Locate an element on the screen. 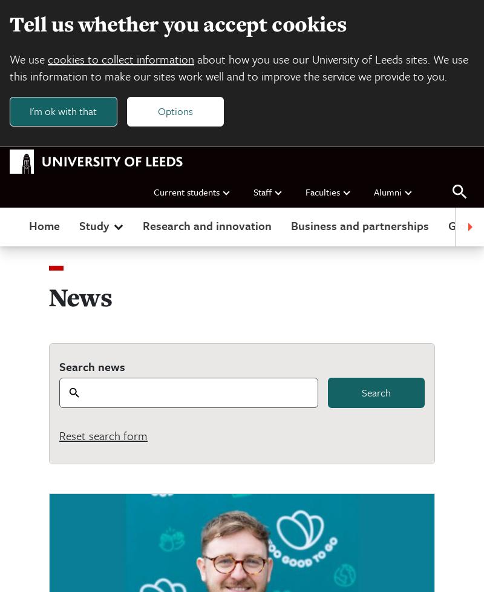  'Research and innovation' is located at coordinates (207, 224).